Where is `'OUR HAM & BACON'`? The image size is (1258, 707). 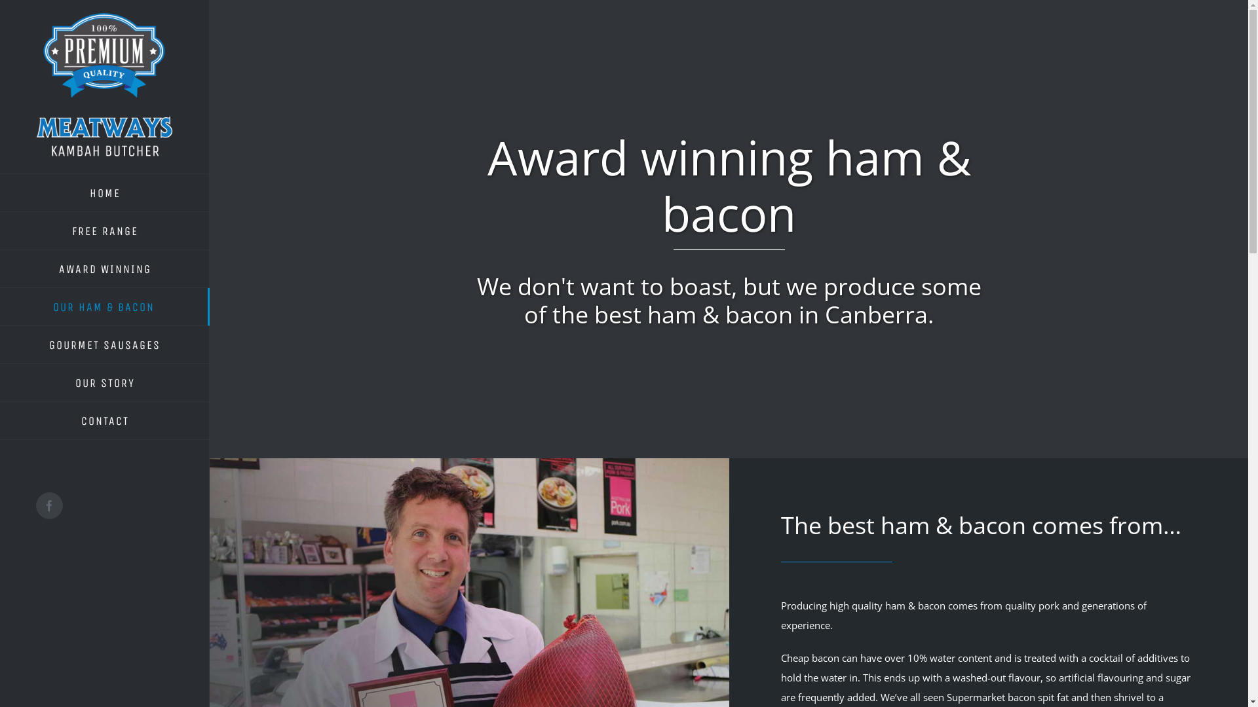
'OUR HAM & BACON' is located at coordinates (104, 307).